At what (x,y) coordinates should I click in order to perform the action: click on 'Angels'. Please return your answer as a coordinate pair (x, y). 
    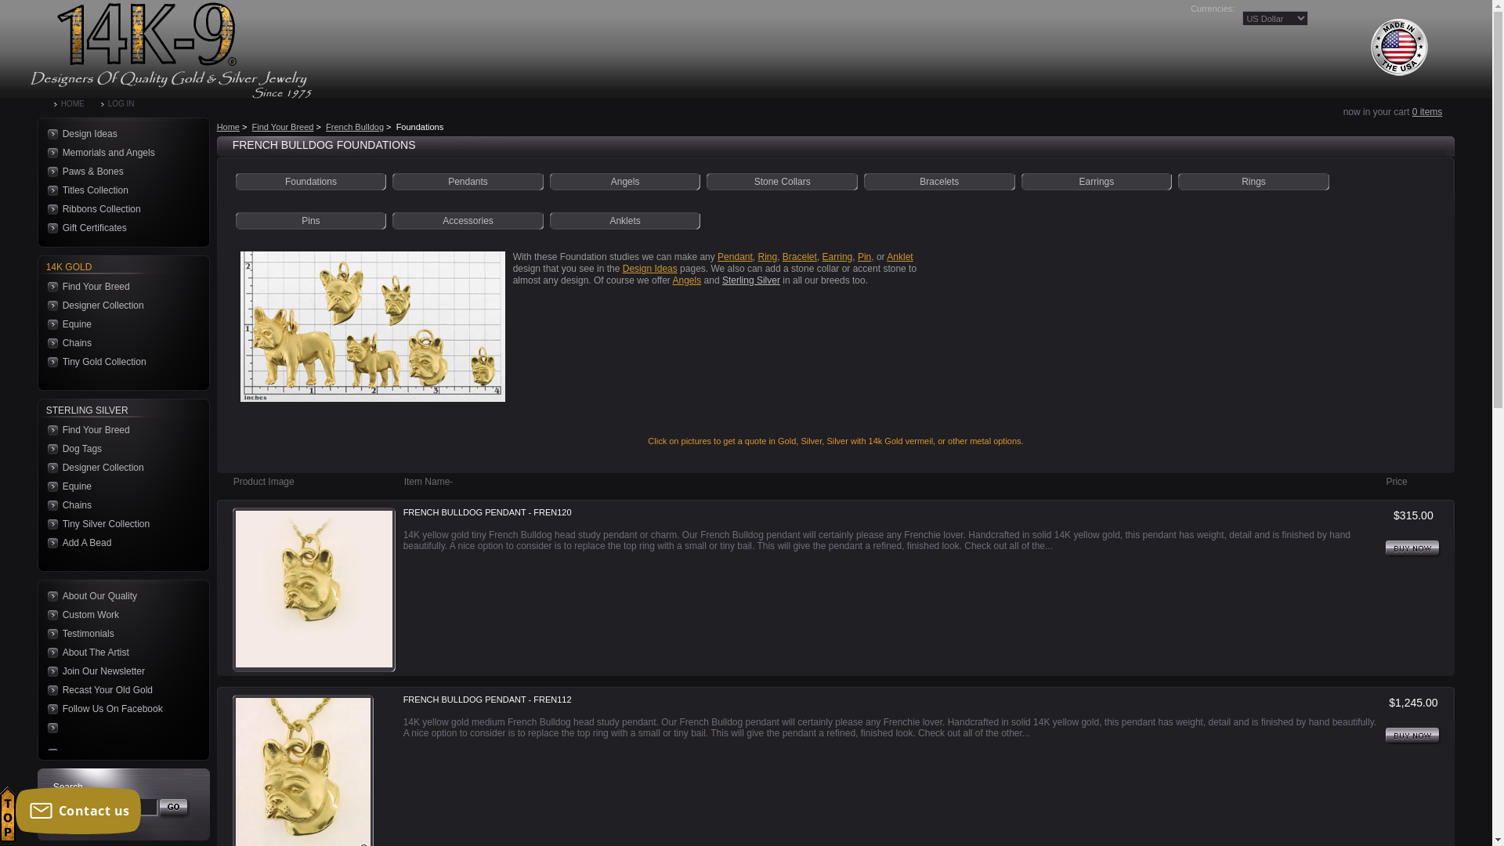
    Looking at the image, I should click on (624, 180).